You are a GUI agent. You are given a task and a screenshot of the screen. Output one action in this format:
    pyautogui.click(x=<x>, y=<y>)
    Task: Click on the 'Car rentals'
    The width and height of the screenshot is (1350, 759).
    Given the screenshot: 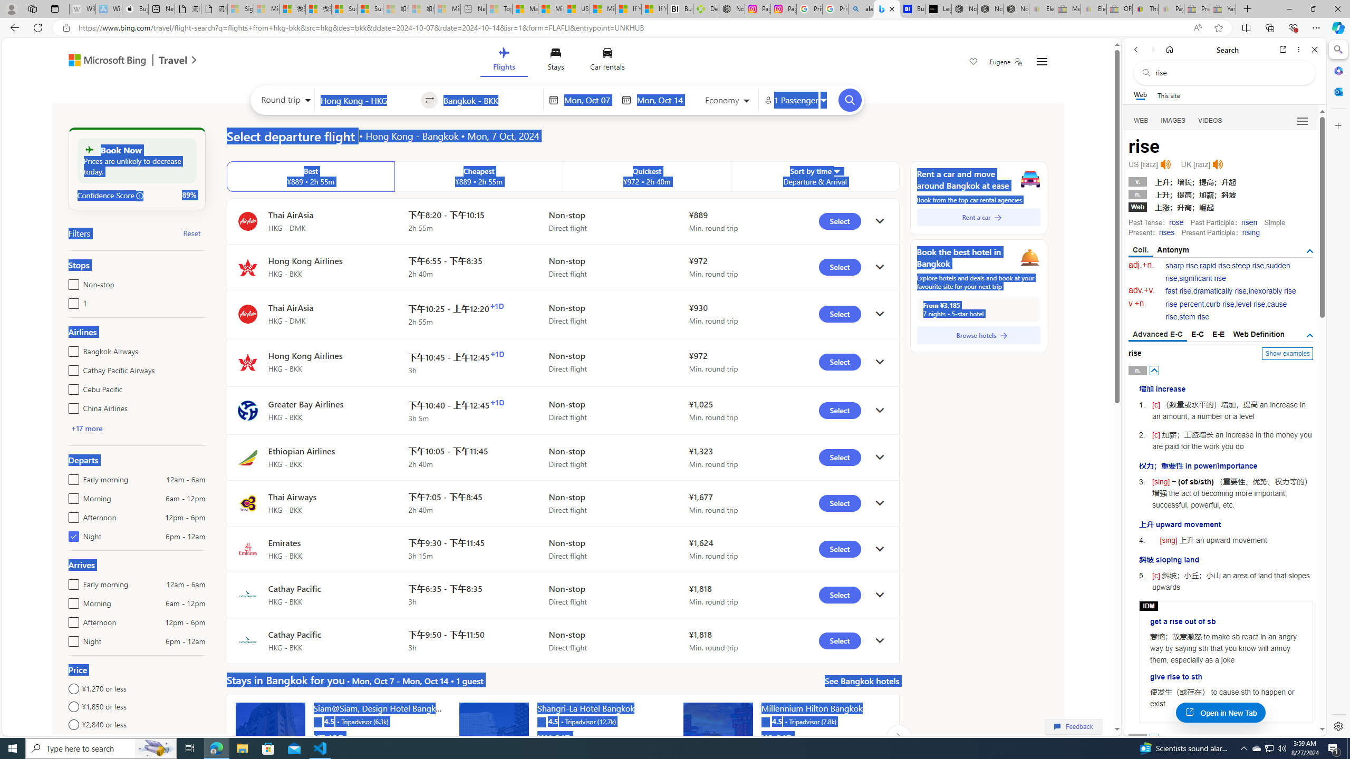 What is the action you would take?
    pyautogui.click(x=607, y=61)
    